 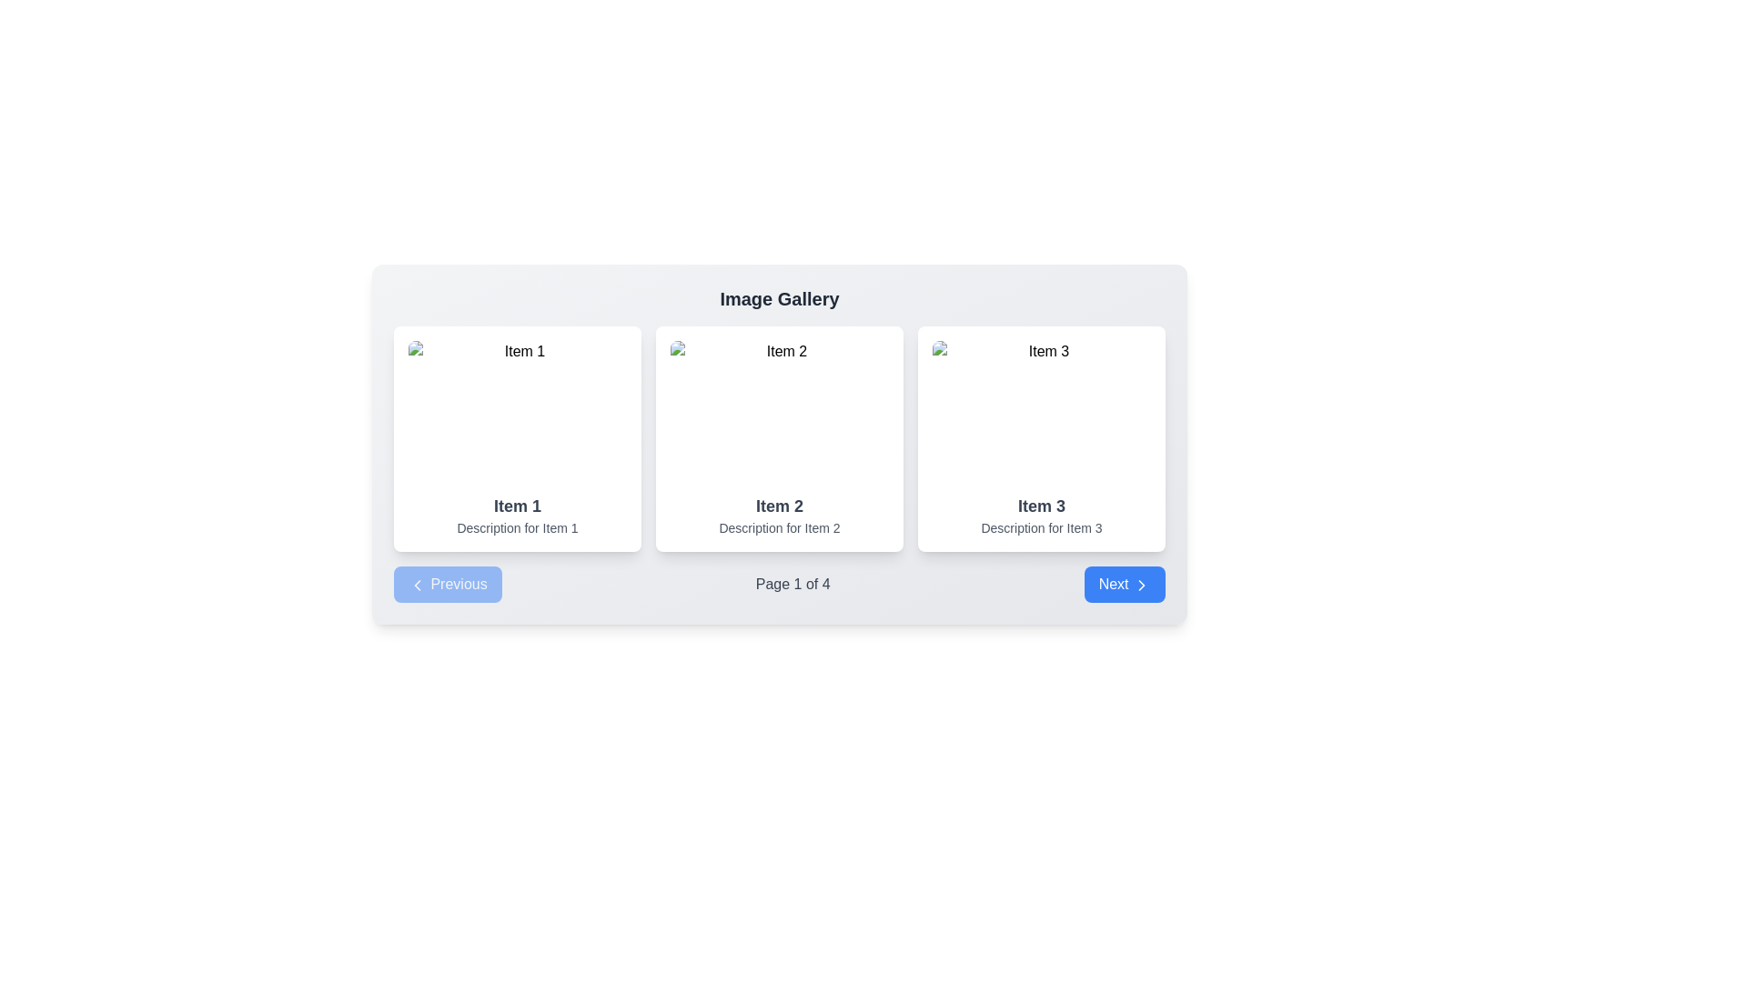 What do you see at coordinates (1140, 585) in the screenshot?
I see `the 'Next' icon located at the rightmost side of the blue 'Next' button` at bounding box center [1140, 585].